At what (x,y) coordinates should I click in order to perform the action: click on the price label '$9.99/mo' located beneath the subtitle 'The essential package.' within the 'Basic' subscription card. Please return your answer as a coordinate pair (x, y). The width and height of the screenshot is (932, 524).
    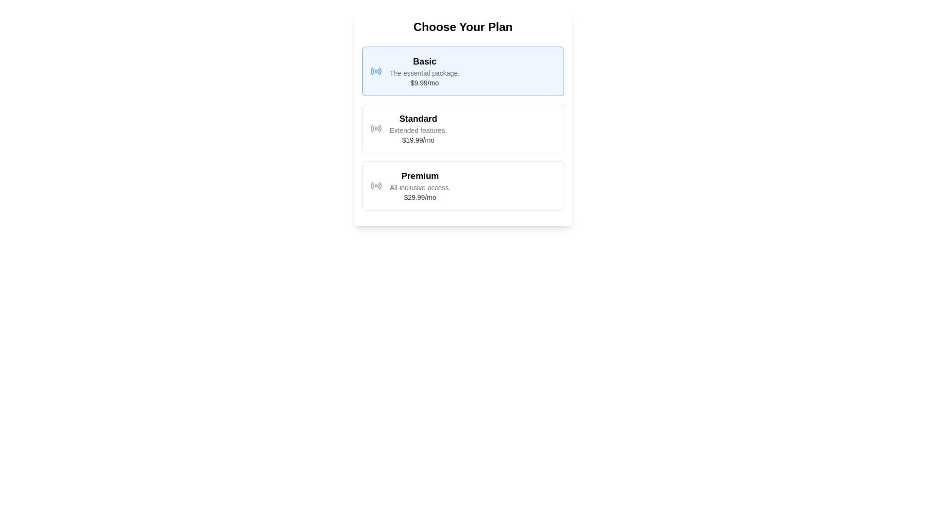
    Looking at the image, I should click on (424, 82).